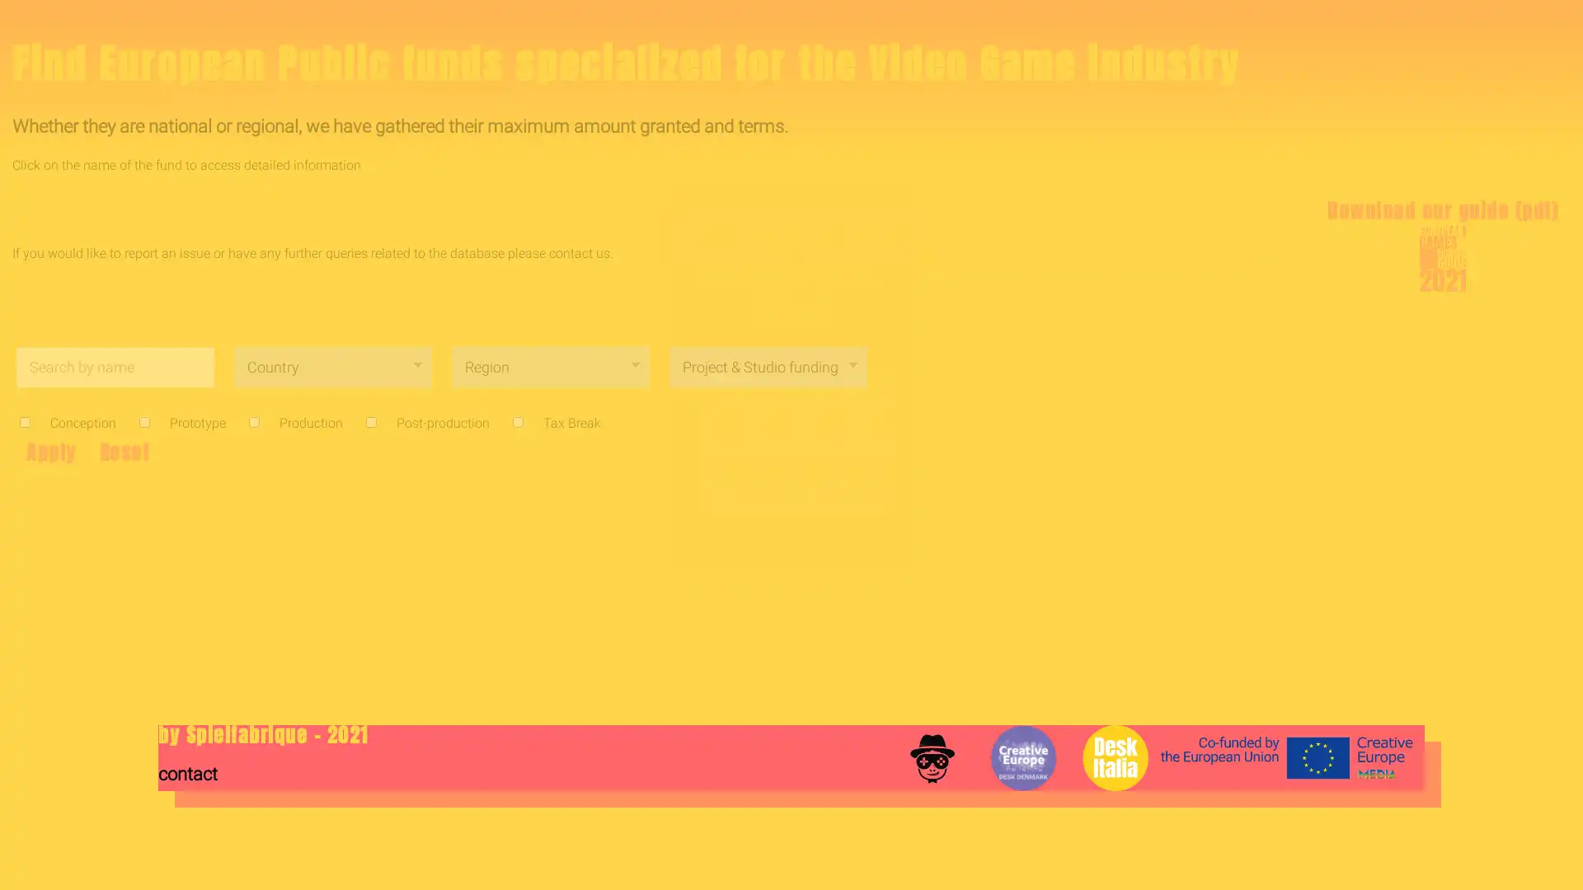 Image resolution: width=1583 pixels, height=890 pixels. I want to click on Apply, so click(51, 452).